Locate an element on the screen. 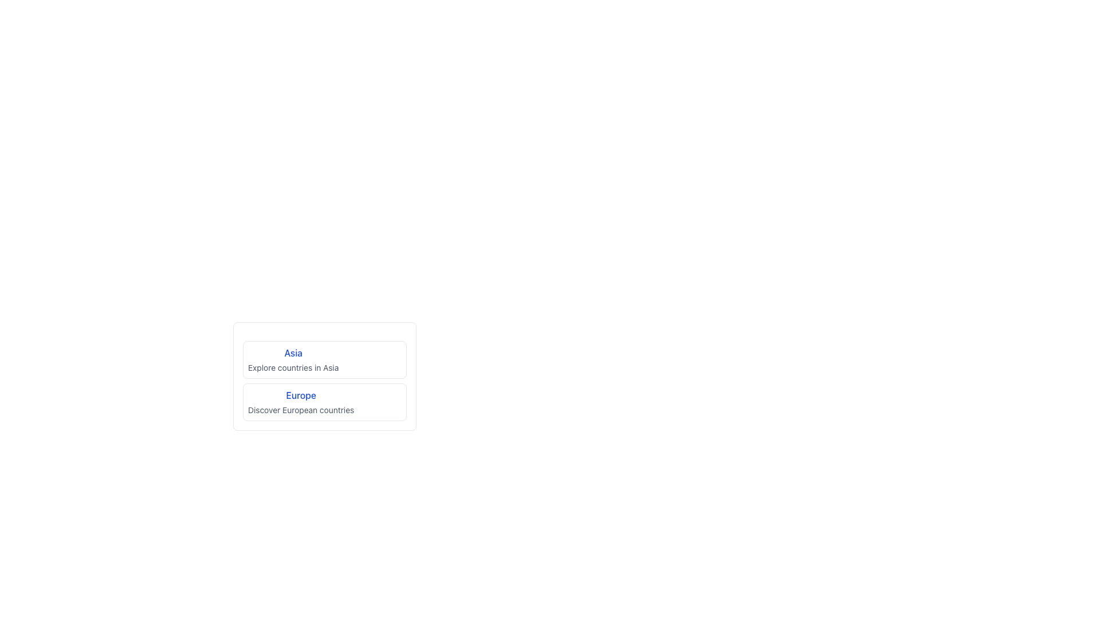 Image resolution: width=1100 pixels, height=618 pixels. the text label displaying 'Asia' in blue font is located at coordinates (293, 359).